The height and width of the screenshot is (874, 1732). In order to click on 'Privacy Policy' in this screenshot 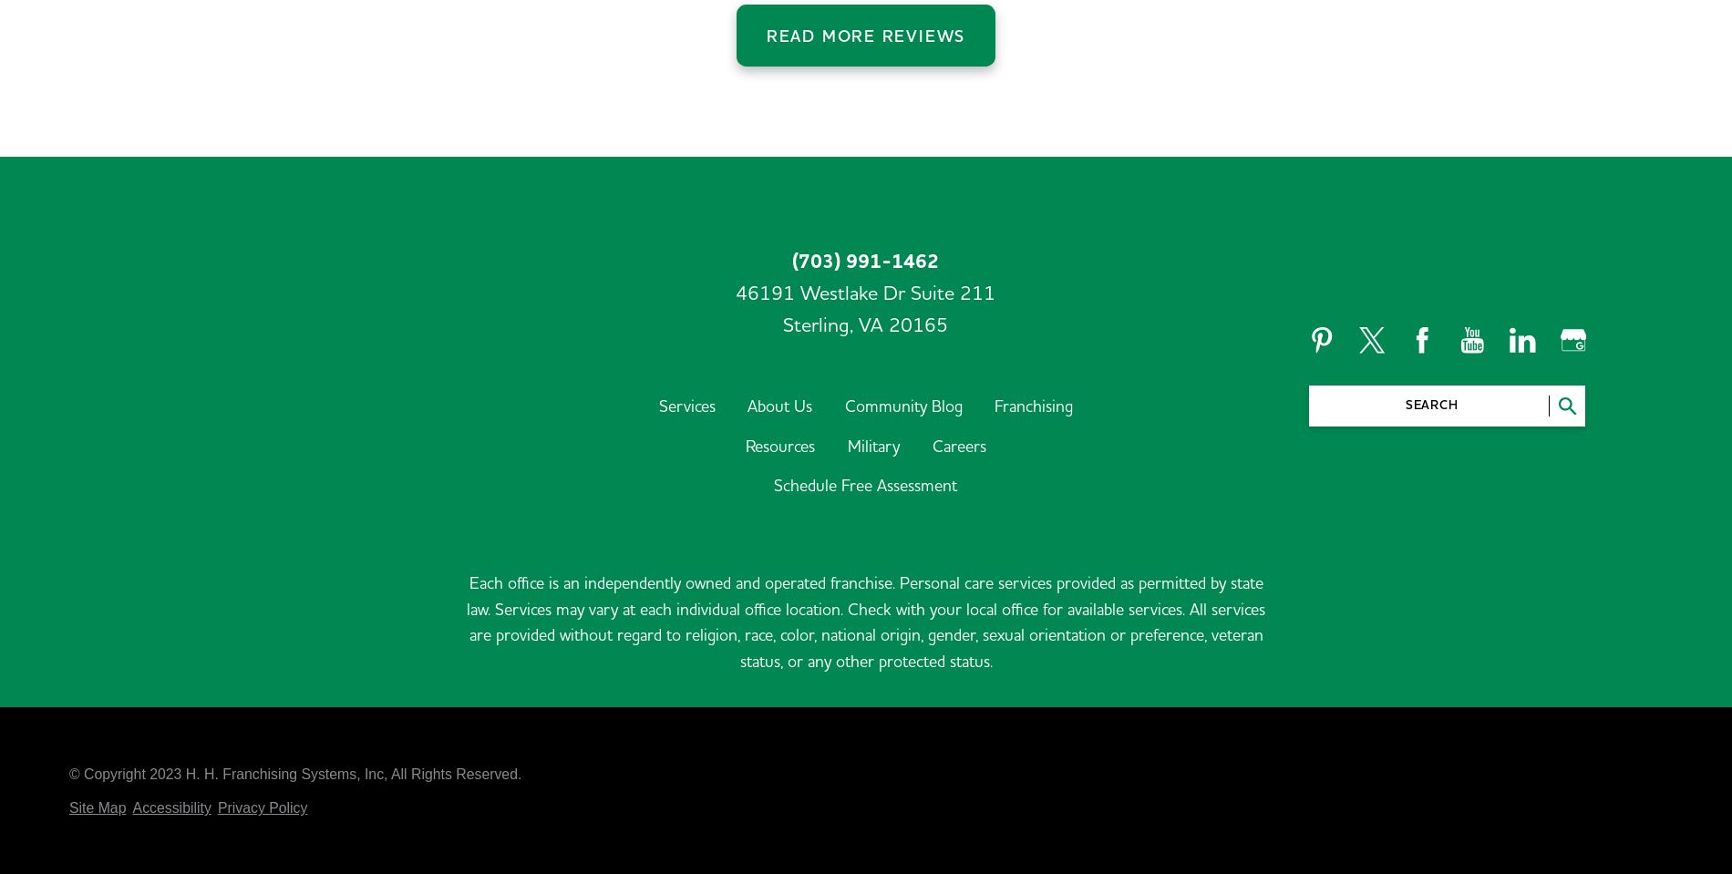, I will do `click(217, 688)`.